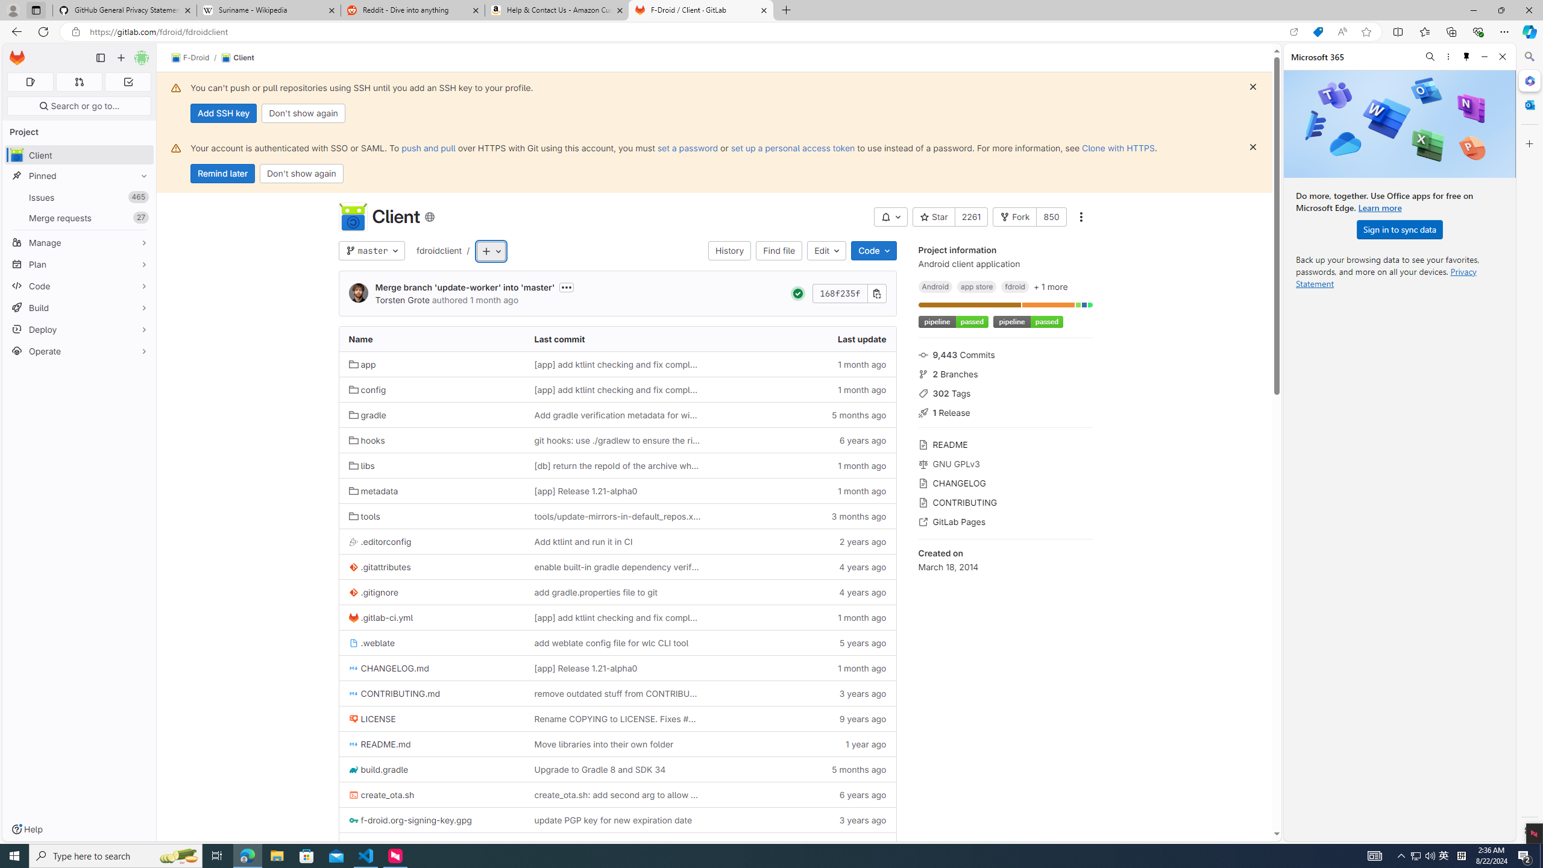 The width and height of the screenshot is (1543, 868). I want to click on 'Remind later', so click(222, 173).